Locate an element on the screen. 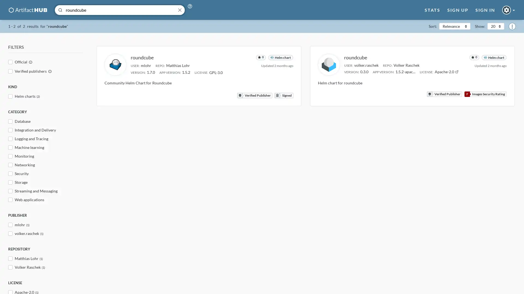 The height and width of the screenshot is (294, 524). Filter by repo Volker Raschek is located at coordinates (406, 65).